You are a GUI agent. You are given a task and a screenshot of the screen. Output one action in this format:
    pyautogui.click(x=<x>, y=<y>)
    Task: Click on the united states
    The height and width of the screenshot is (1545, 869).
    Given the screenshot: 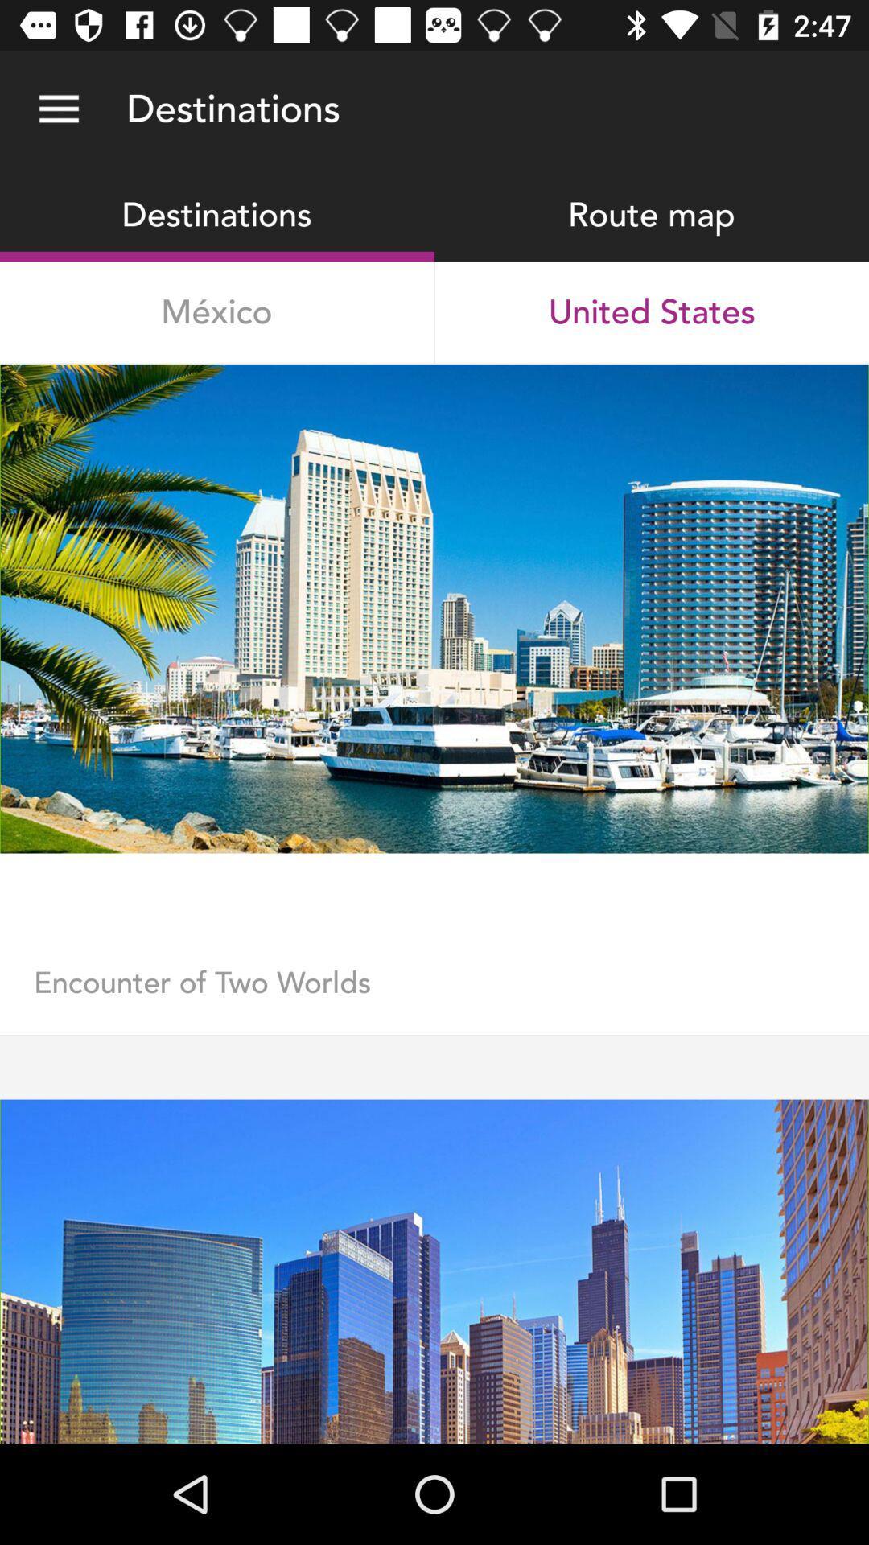 What is the action you would take?
    pyautogui.click(x=652, y=312)
    